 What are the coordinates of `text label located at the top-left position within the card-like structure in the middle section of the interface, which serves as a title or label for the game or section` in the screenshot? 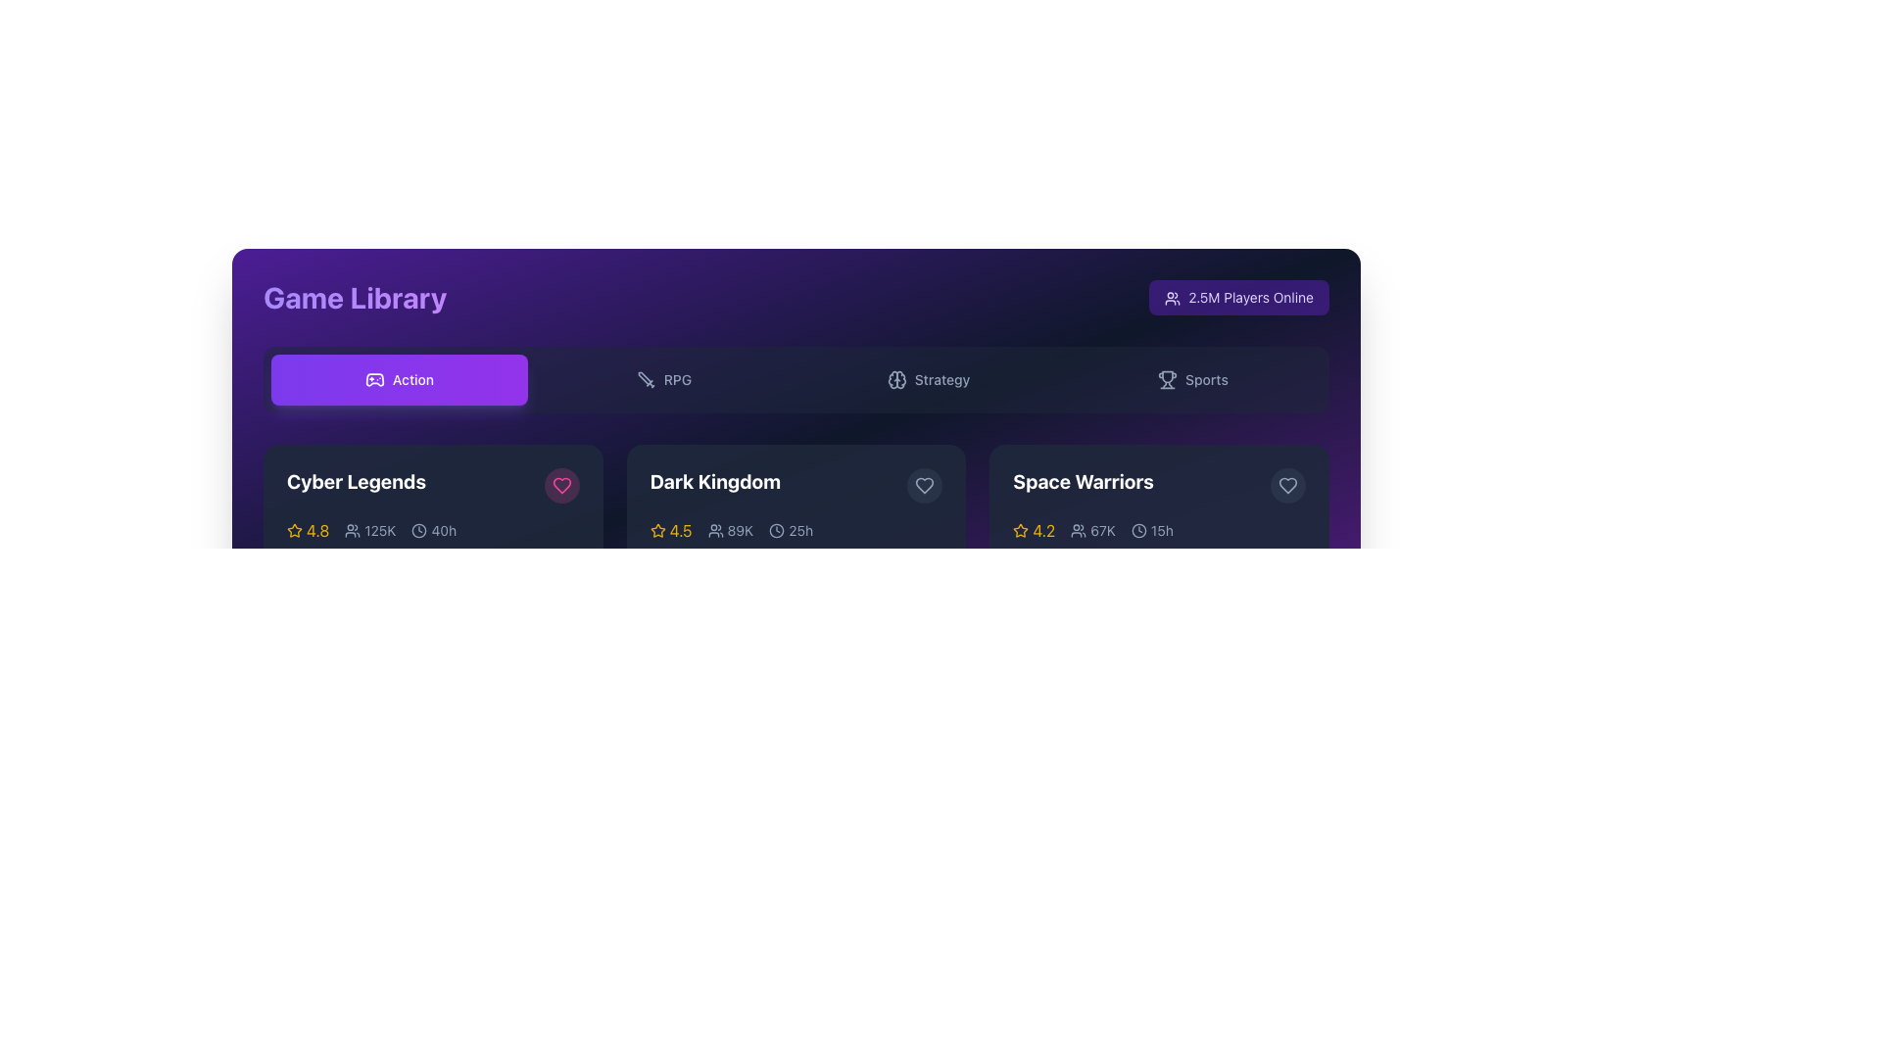 It's located at (1083, 482).